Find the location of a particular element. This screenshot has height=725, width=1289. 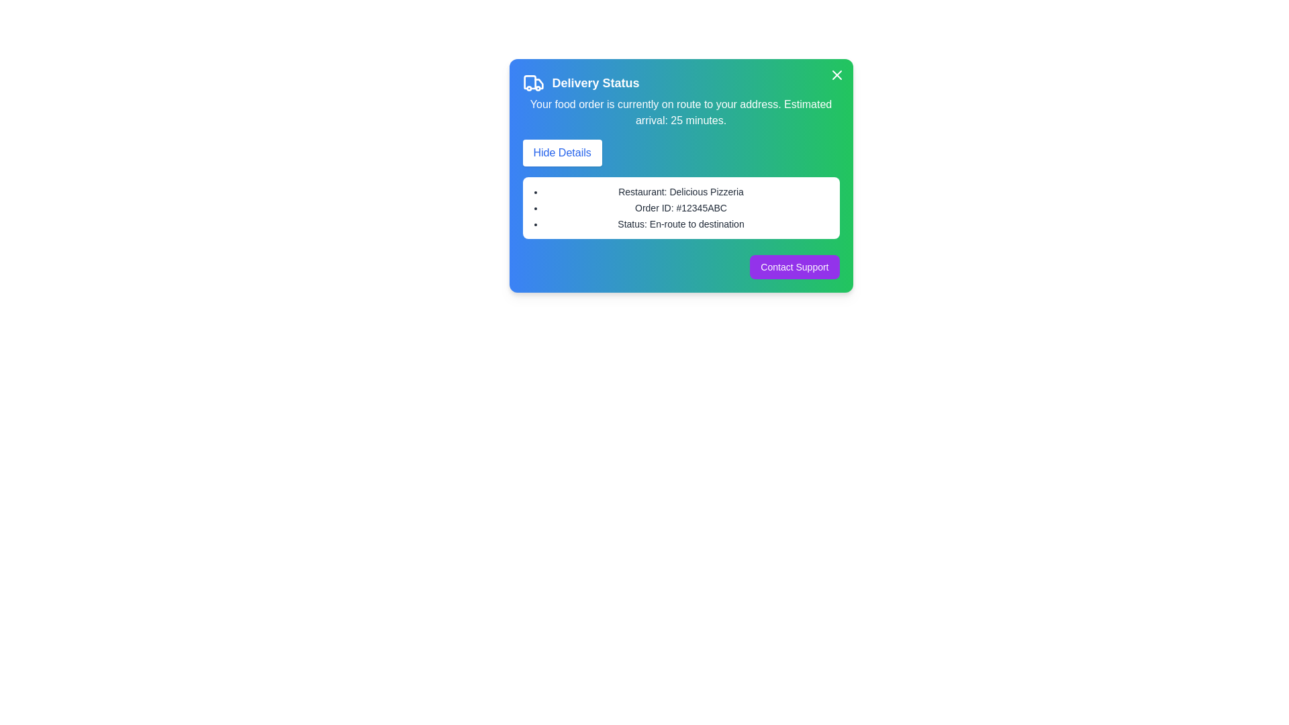

the 'Hide Details' button to toggle the visibility of order details is located at coordinates (561, 152).